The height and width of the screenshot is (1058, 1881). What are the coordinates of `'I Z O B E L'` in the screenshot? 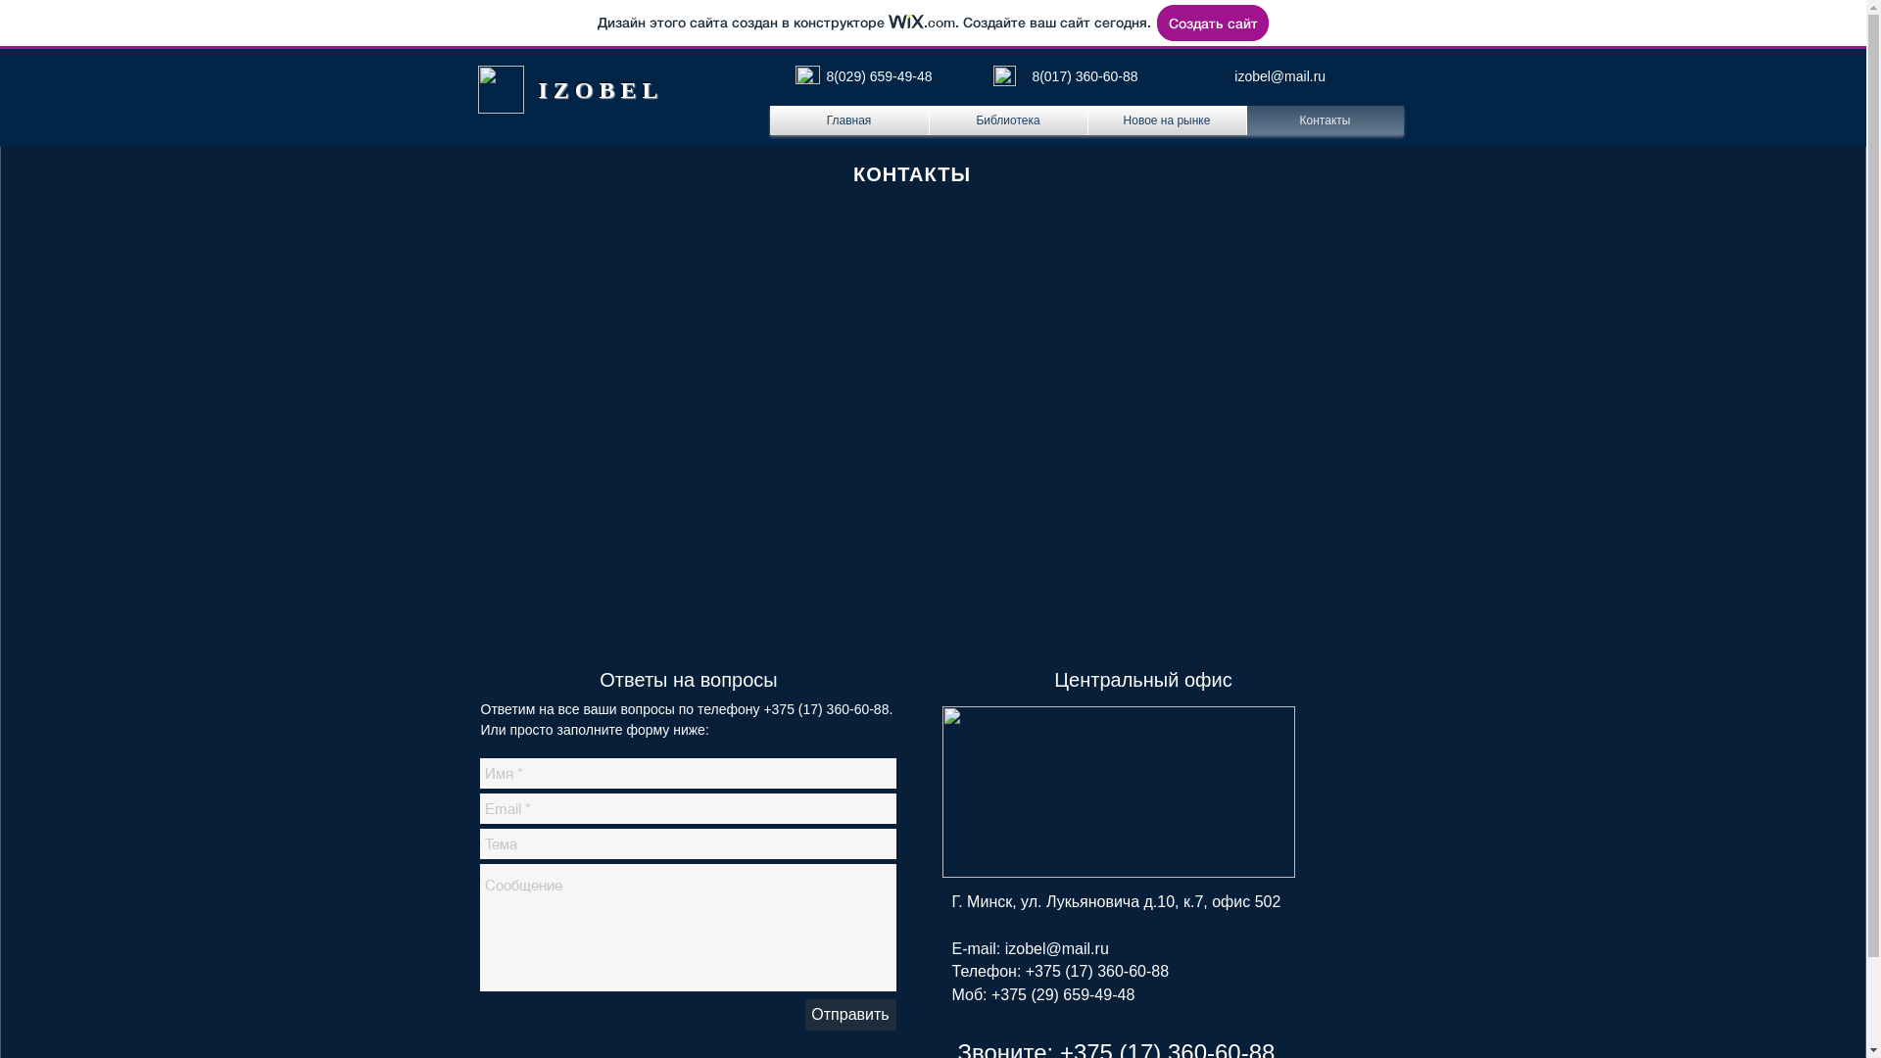 It's located at (597, 90).